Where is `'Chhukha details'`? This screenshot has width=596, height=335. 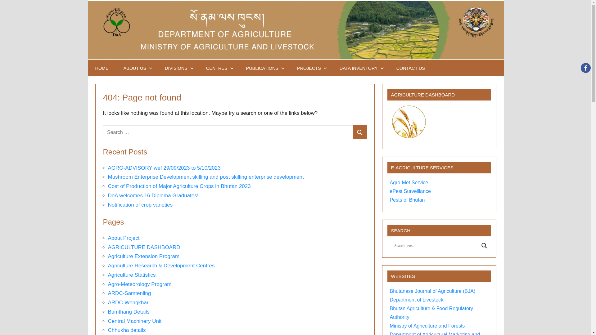 'Chhukha details' is located at coordinates (108, 330).